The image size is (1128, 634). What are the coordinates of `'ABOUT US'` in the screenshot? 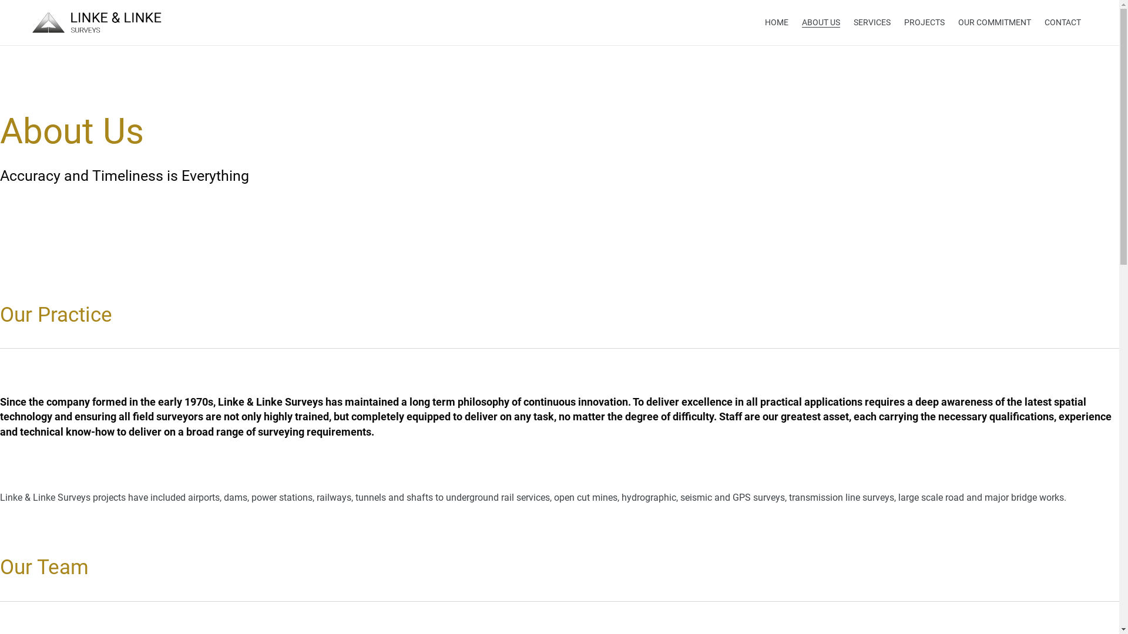 It's located at (820, 22).